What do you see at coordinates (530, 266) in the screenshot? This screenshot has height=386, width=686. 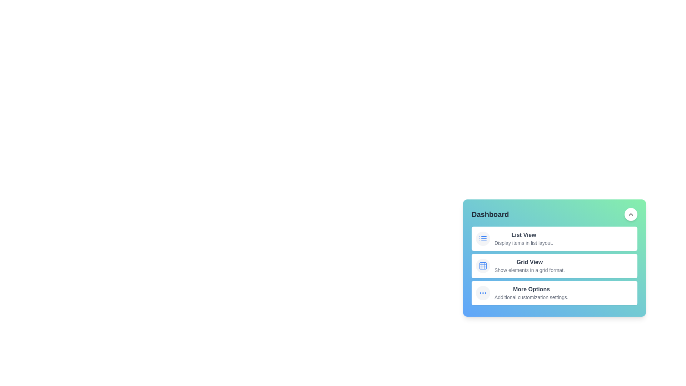 I see `the 'Grid View' option to select it` at bounding box center [530, 266].